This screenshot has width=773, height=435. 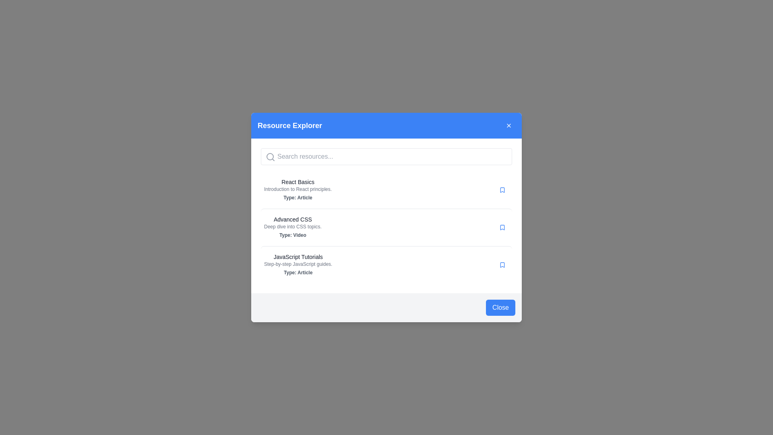 What do you see at coordinates (271, 157) in the screenshot?
I see `the search icon located on the left side of the input field inside the 'Resource Explorer' modal, which indicates the search functionality` at bounding box center [271, 157].